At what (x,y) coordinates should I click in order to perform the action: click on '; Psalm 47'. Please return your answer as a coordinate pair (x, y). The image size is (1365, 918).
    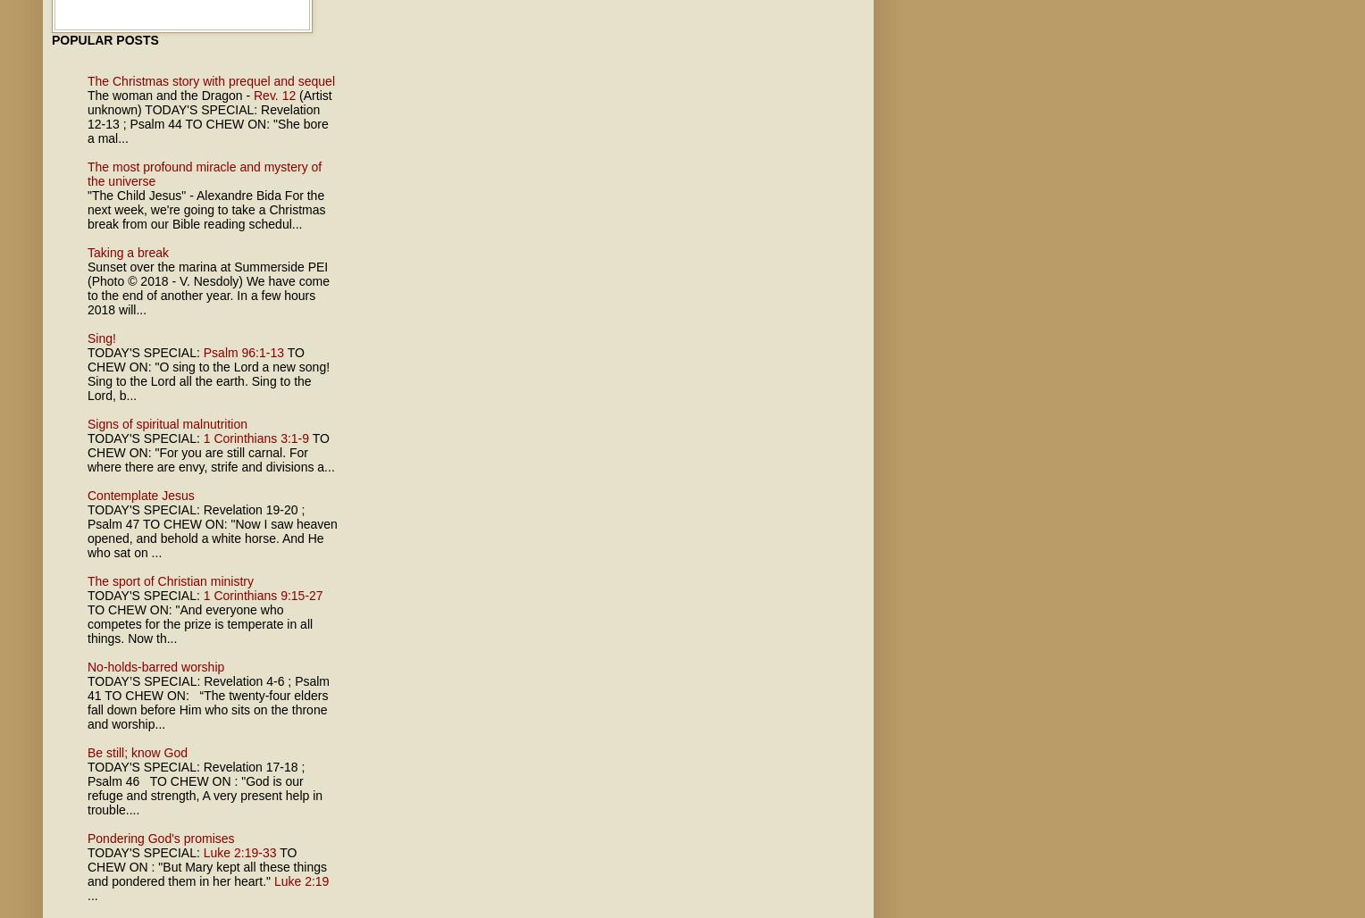
    Looking at the image, I should click on (86, 516).